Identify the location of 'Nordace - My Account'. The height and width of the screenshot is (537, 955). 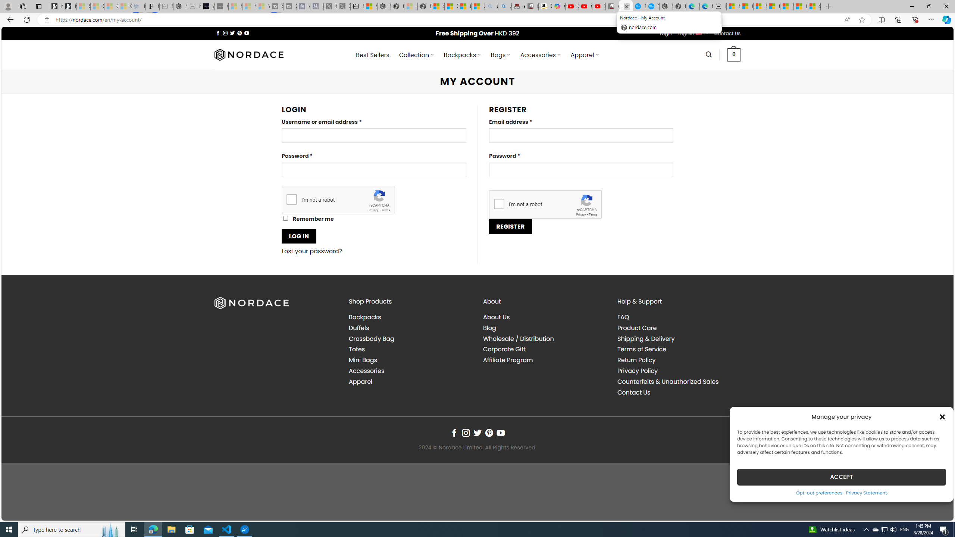
(626, 6).